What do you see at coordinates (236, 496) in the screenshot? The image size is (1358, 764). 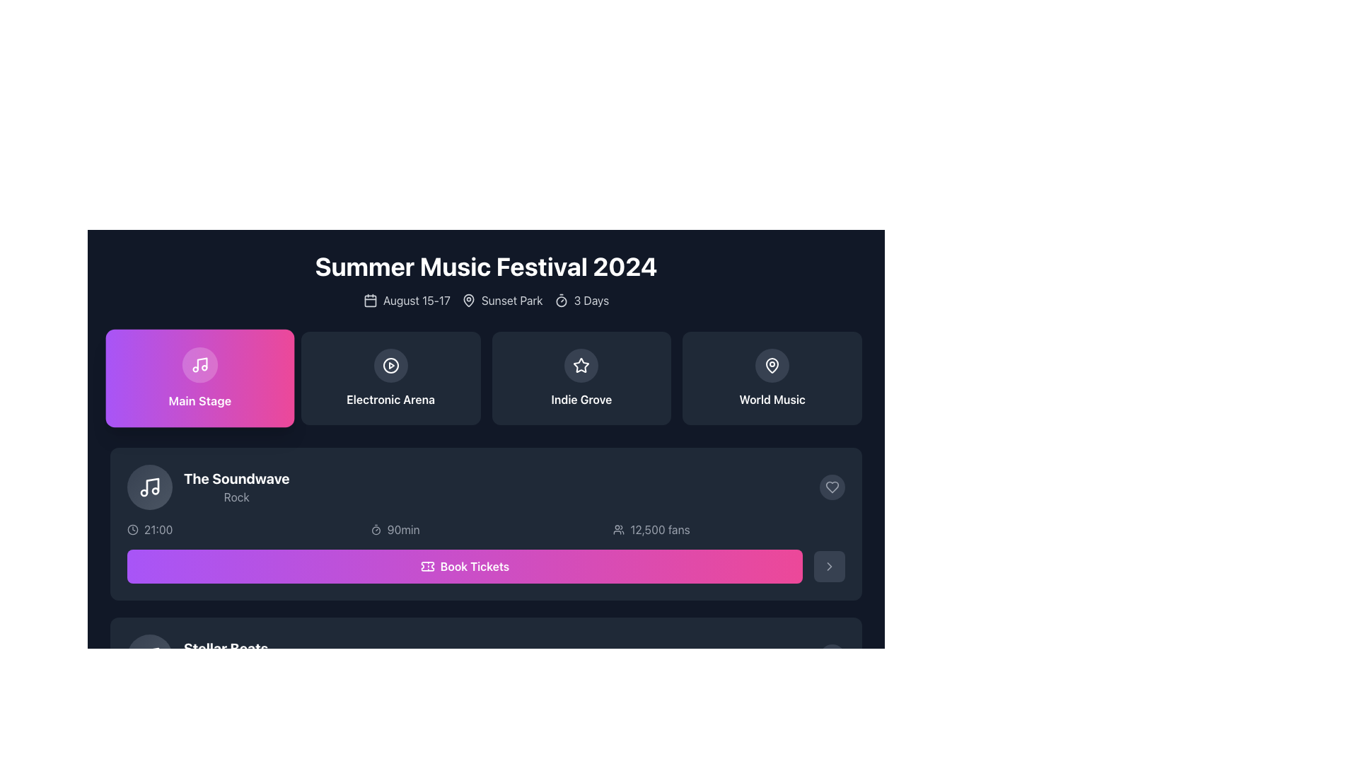 I see `the text label that categorizes the event under the 'Rock' genre, located below the title 'The Soundwave' in the event listing for a music festival` at bounding box center [236, 496].